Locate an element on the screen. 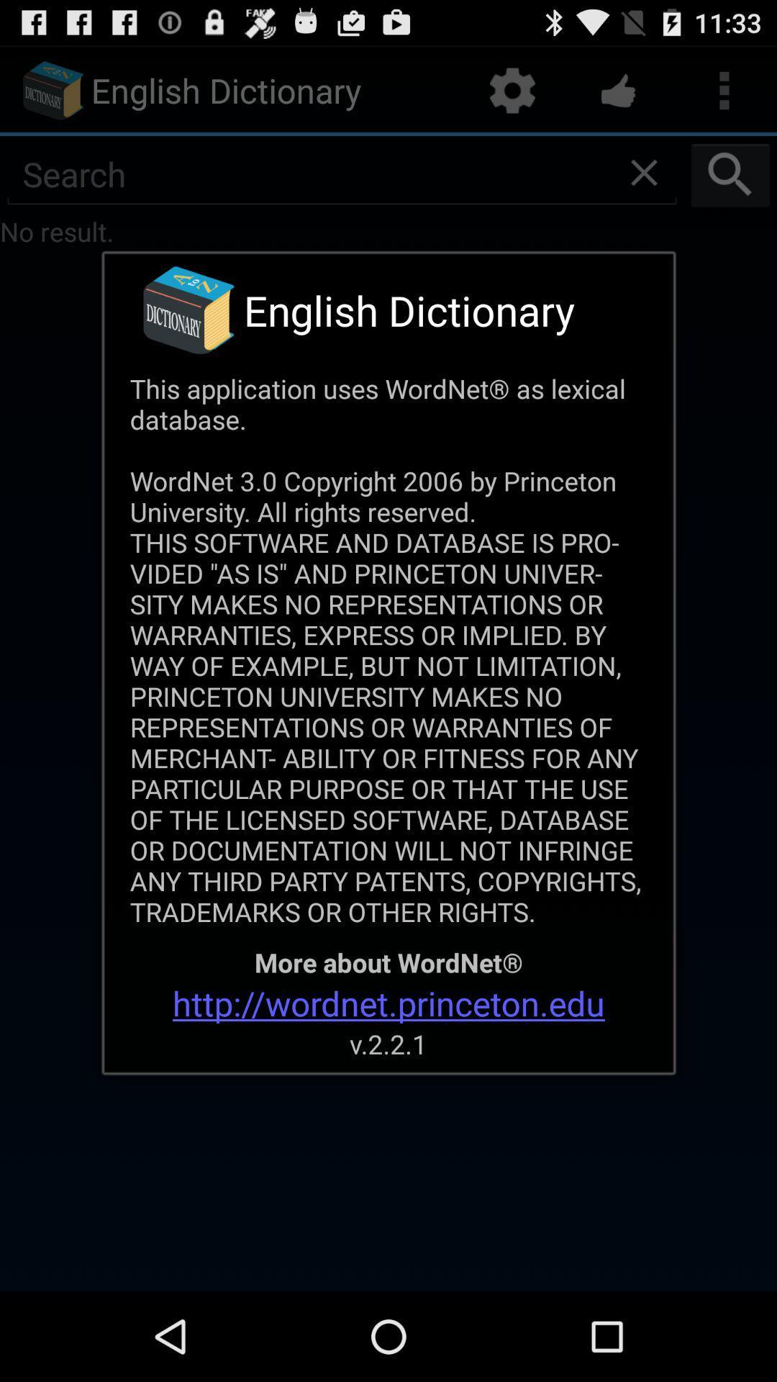 This screenshot has height=1382, width=777. the item above v 2 2 app is located at coordinates (388, 1002).